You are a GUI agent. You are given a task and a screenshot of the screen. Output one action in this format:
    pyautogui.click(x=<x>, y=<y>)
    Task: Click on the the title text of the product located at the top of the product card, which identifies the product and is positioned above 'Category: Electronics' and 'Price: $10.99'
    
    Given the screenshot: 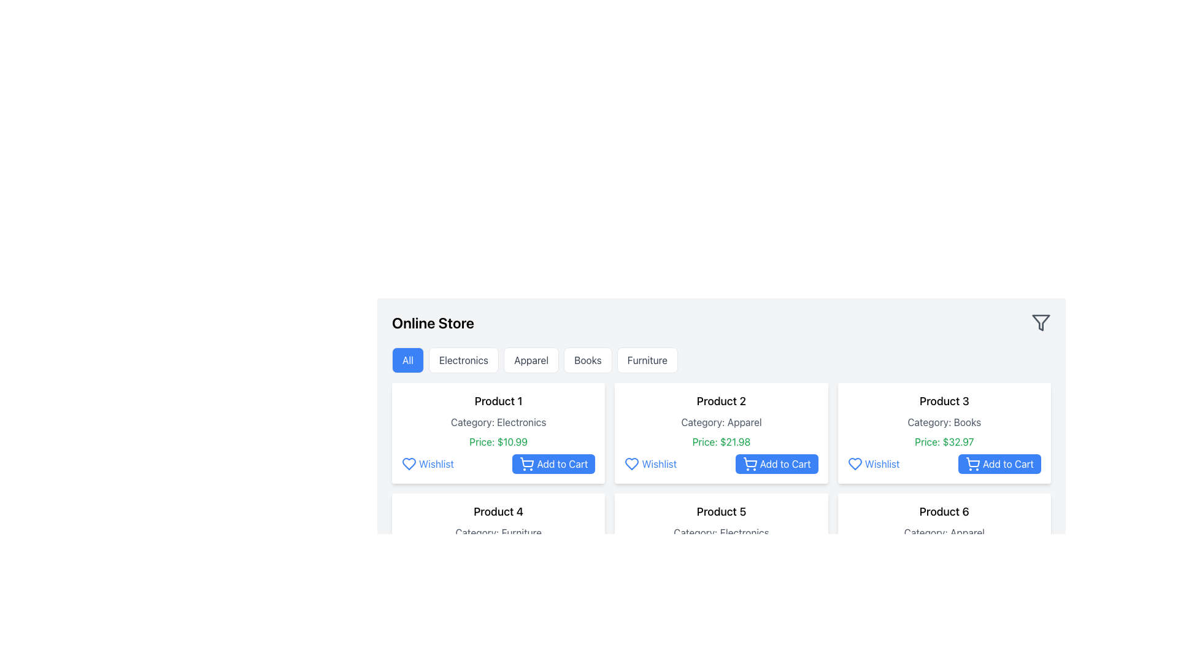 What is the action you would take?
    pyautogui.click(x=498, y=401)
    